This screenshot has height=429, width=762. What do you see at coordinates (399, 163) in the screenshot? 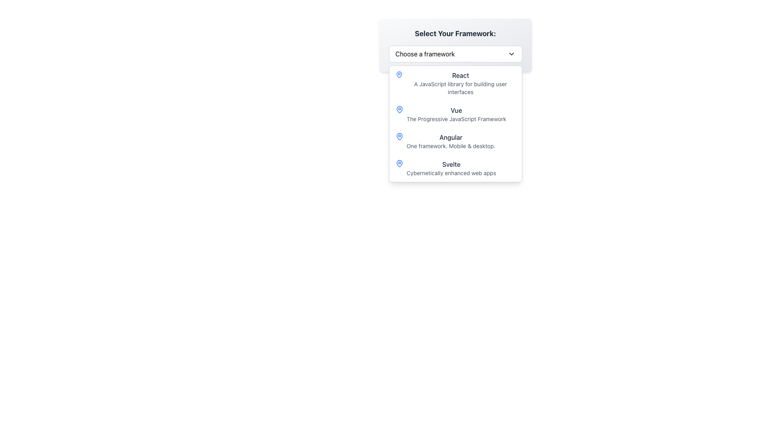
I see `the blue map pin icon located to the left of the 'Svelte' text in the dropdown menu labeled 'Select Your Framework'` at bounding box center [399, 163].